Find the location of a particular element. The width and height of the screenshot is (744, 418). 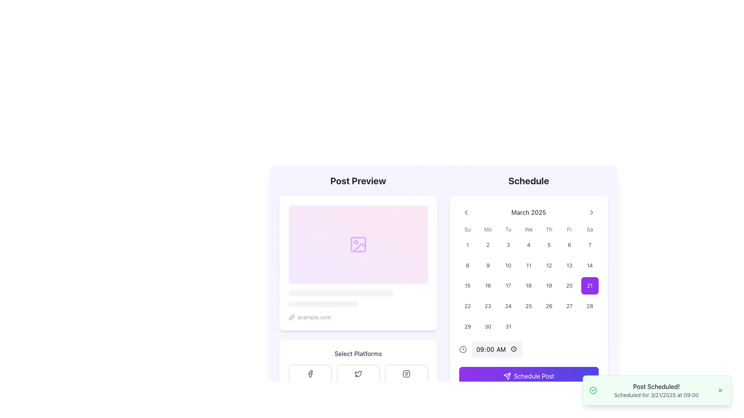

the text label displaying 'Fr', which indicates Friday in the days of the week grid layout is located at coordinates (569, 229).